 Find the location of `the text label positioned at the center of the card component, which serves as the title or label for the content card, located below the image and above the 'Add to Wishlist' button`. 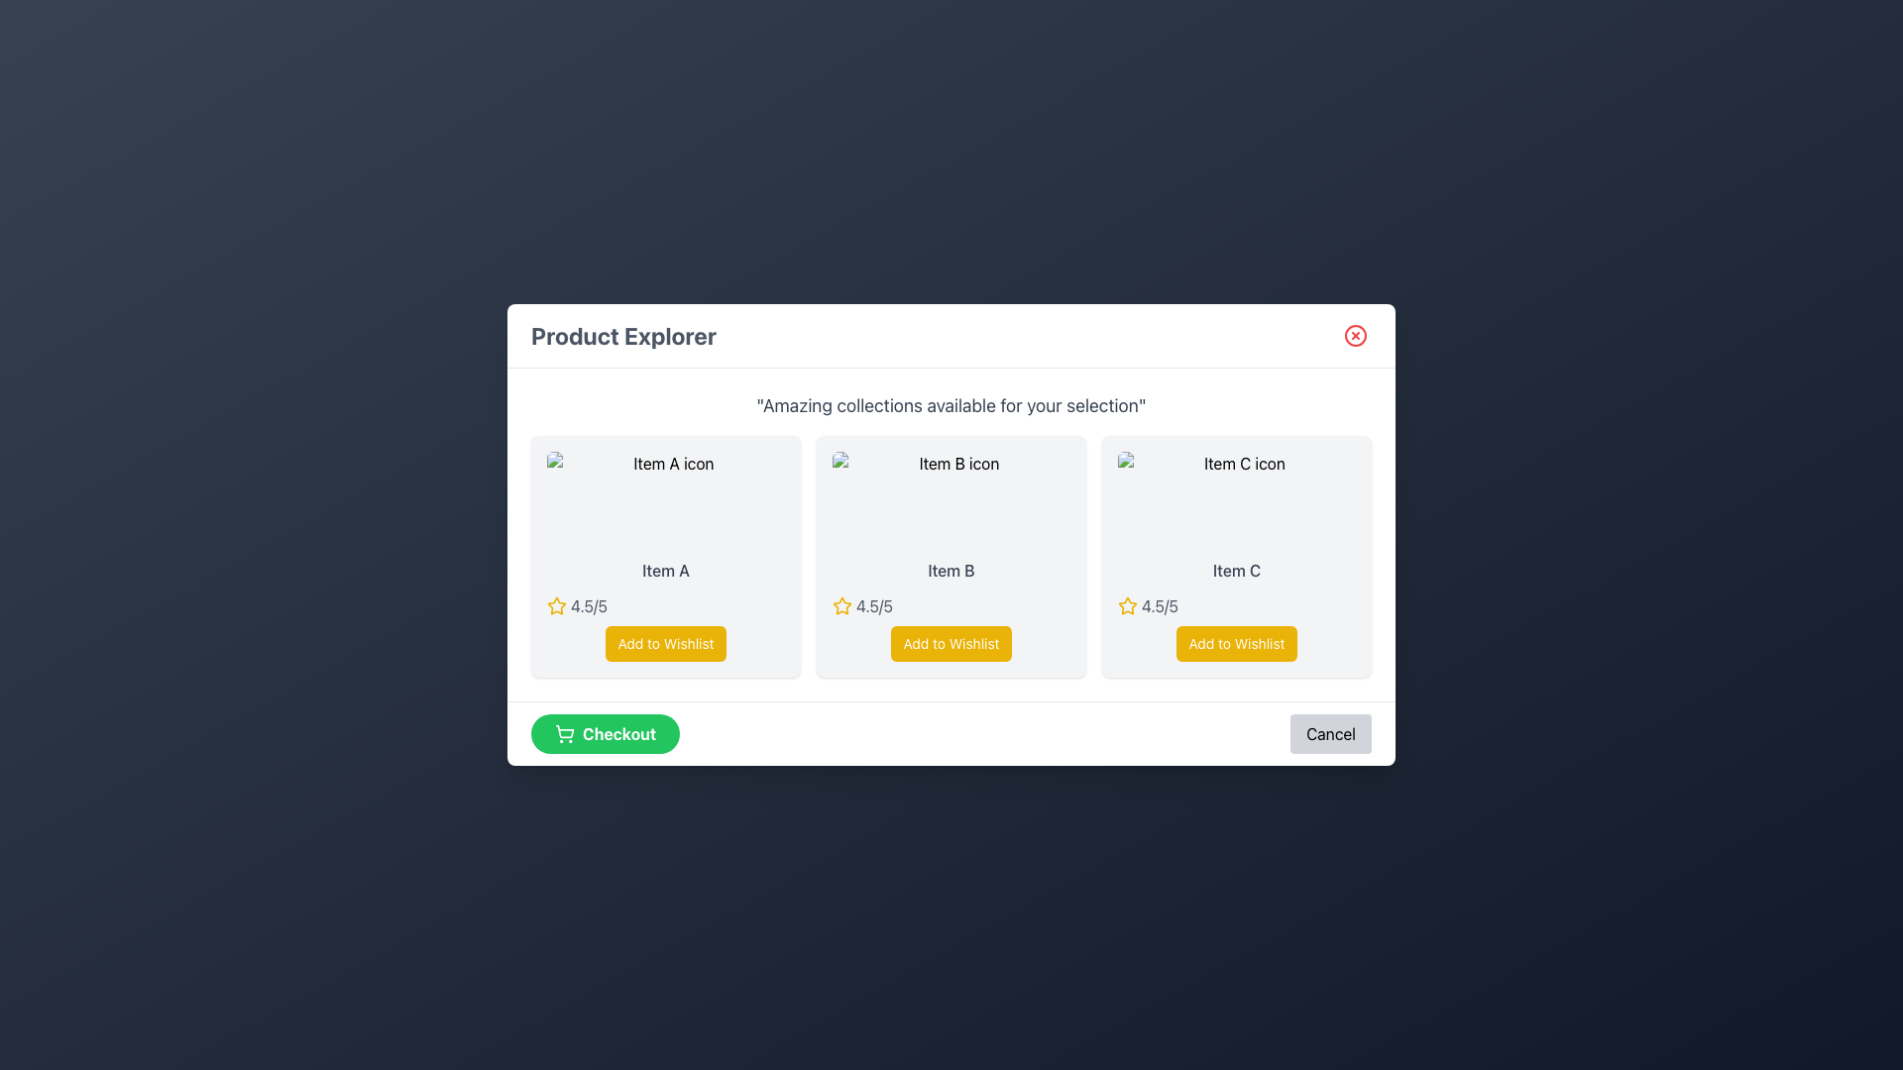

the text label positioned at the center of the card component, which serves as the title or label for the content card, located below the image and above the 'Add to Wishlist' button is located at coordinates (951, 570).